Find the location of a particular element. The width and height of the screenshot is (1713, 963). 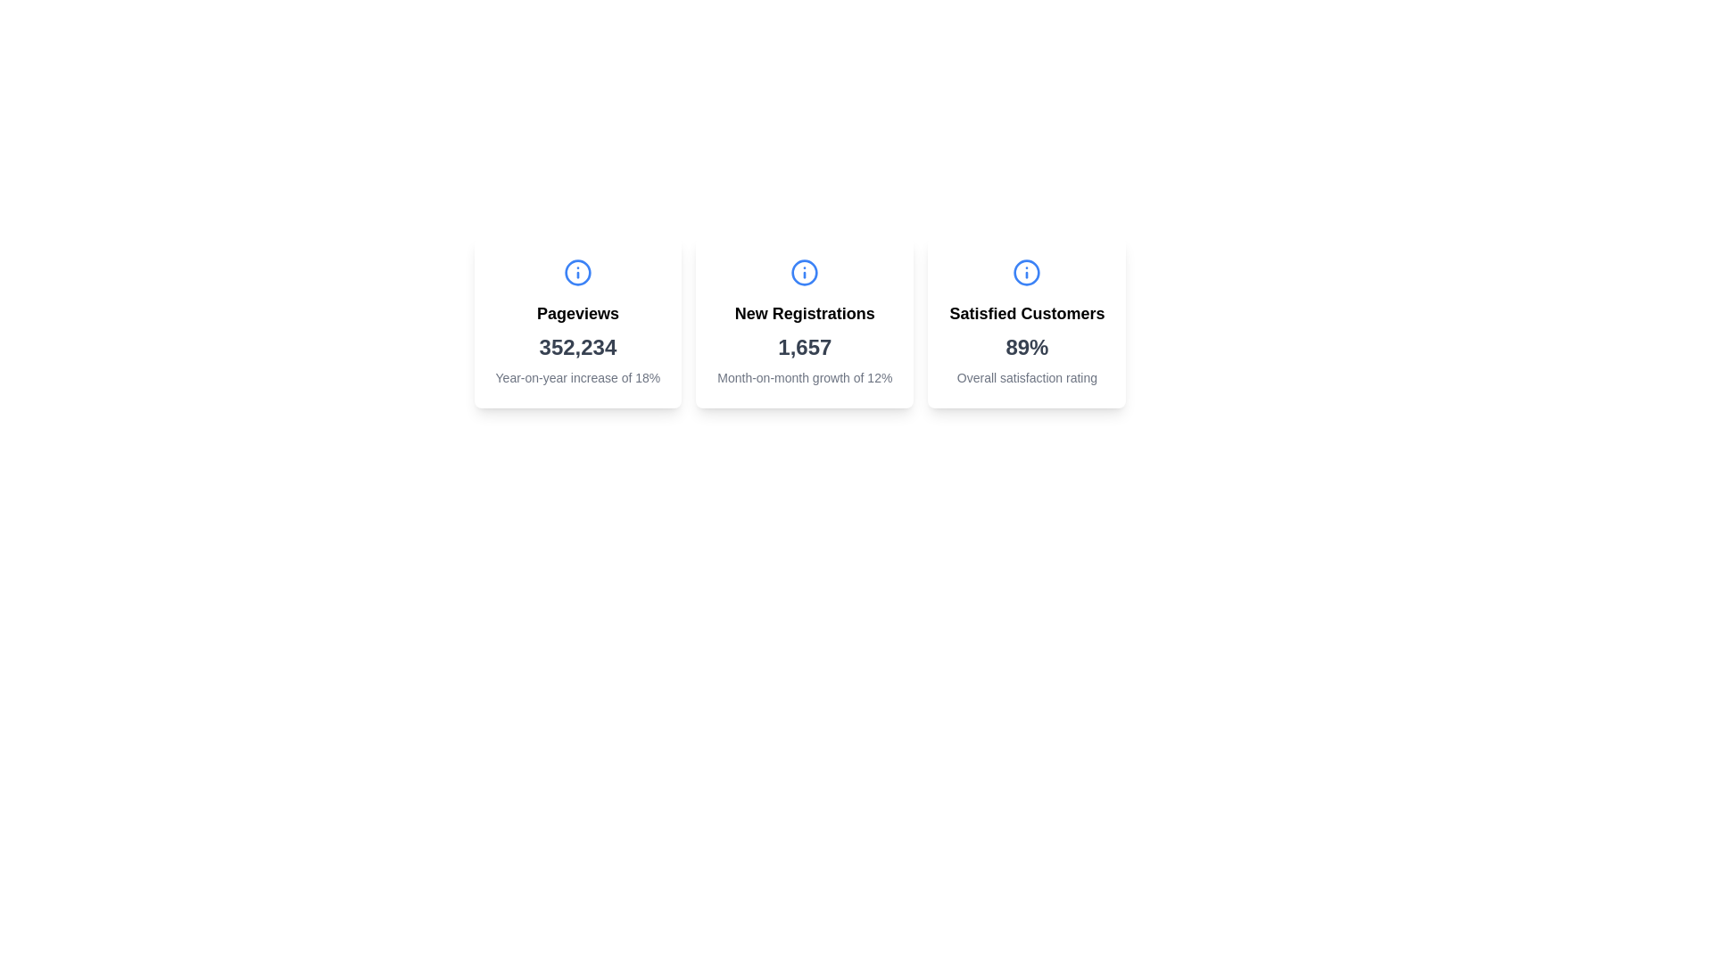

text label that is centrally located at the top-middle section of the card layout, which provides a title or category for the information displayed below it is located at coordinates (578, 312).